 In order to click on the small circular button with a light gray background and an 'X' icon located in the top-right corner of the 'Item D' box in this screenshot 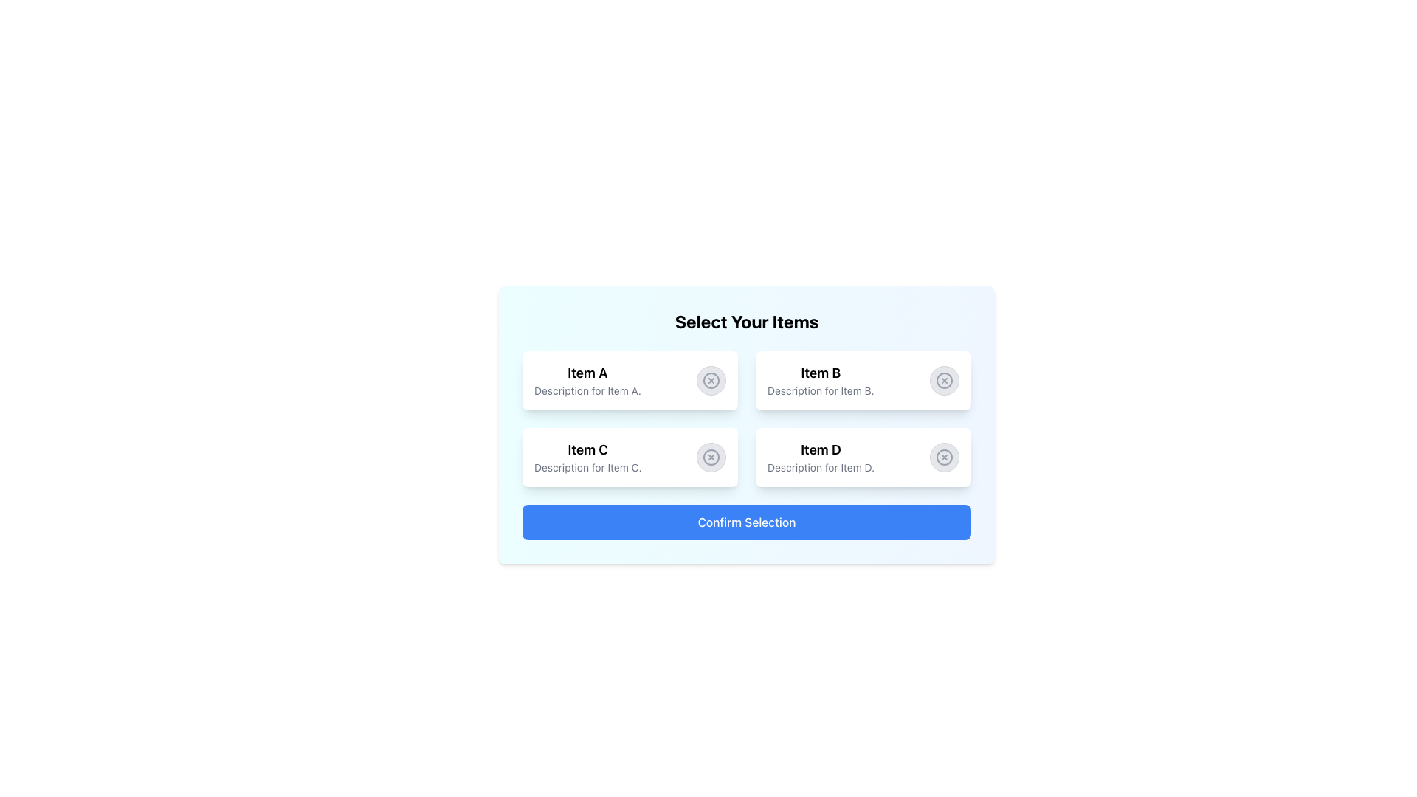, I will do `click(945, 457)`.